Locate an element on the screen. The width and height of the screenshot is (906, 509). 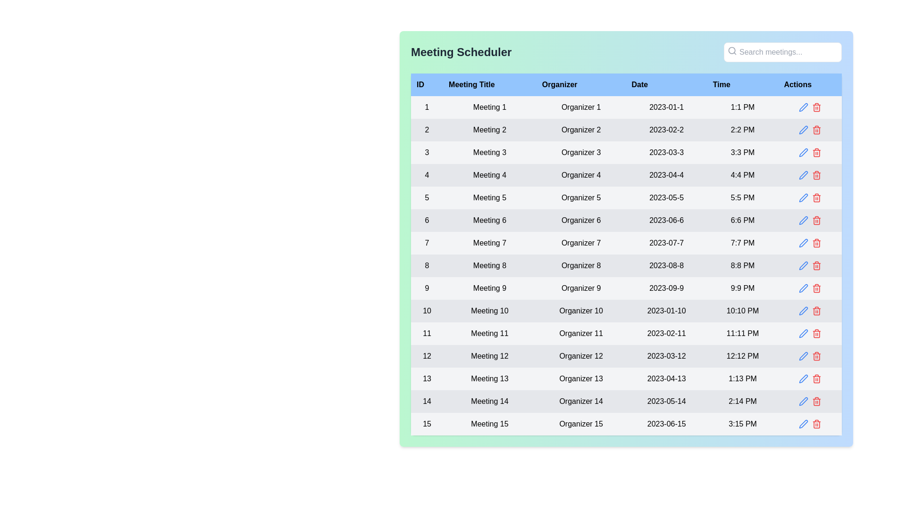
the edit button located in the 'Actions' column of the 12th row in the table is located at coordinates (803, 356).